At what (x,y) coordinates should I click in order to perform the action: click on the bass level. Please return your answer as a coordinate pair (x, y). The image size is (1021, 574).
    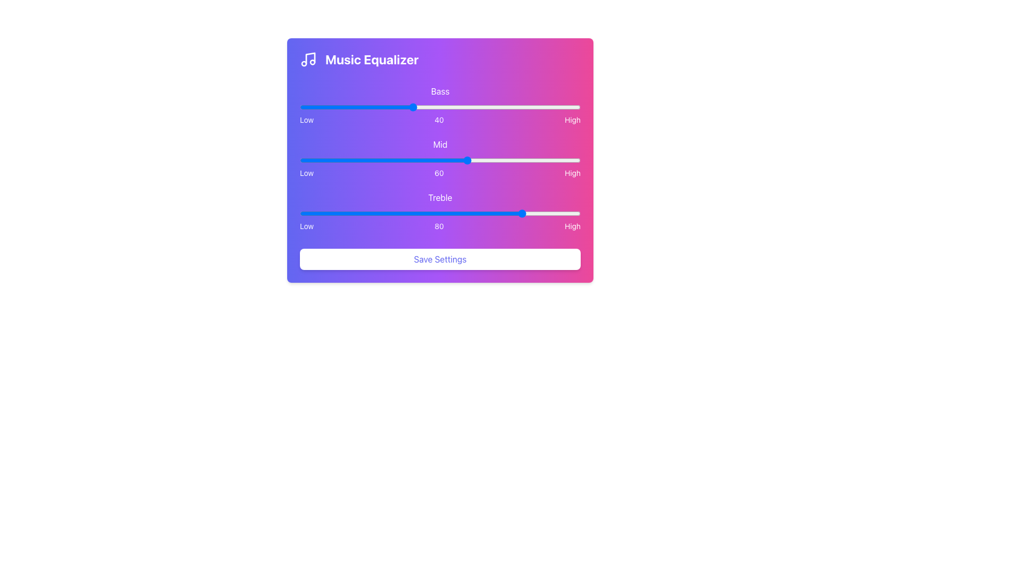
    Looking at the image, I should click on (476, 107).